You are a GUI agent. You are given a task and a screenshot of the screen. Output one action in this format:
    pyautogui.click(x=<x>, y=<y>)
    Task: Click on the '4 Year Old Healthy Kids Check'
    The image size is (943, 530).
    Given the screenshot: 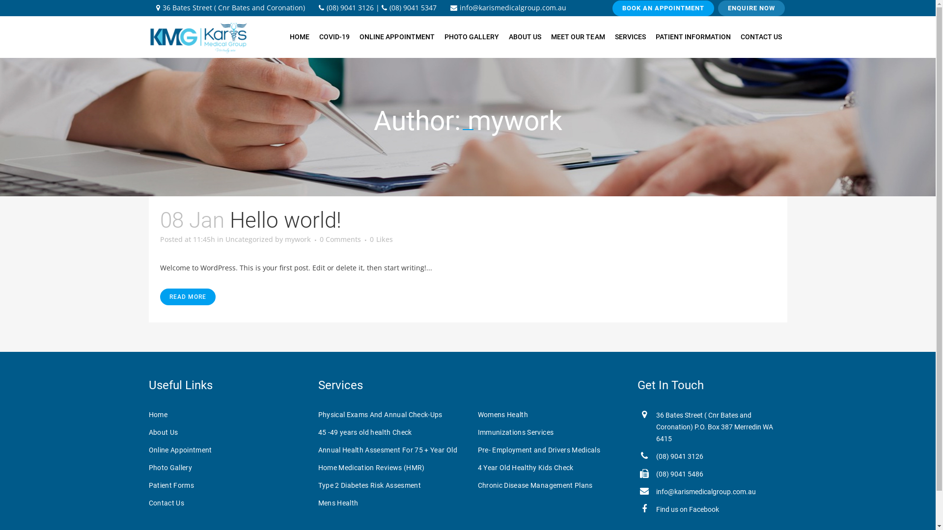 What is the action you would take?
    pyautogui.click(x=551, y=467)
    